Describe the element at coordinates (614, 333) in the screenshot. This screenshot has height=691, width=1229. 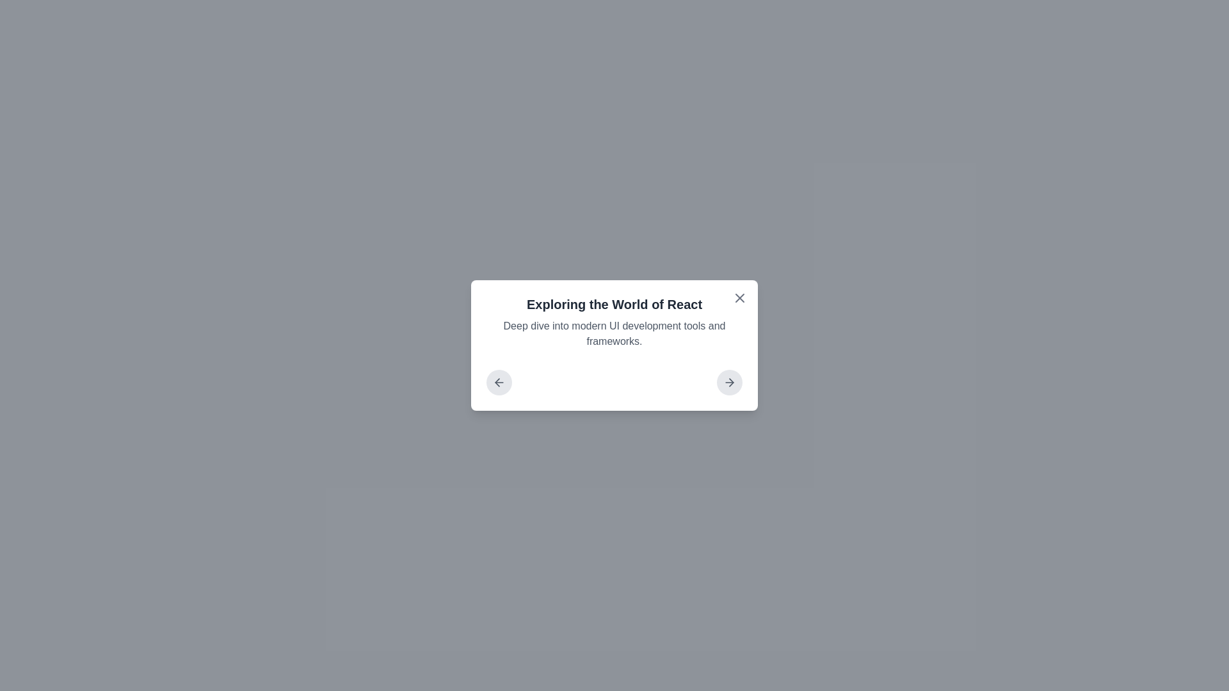
I see `the text paragraph that reads 'Deep dive into modern UI development tools and frameworks.', which is styled in gray and positioned below the heading 'Exploring the World of React'` at that location.